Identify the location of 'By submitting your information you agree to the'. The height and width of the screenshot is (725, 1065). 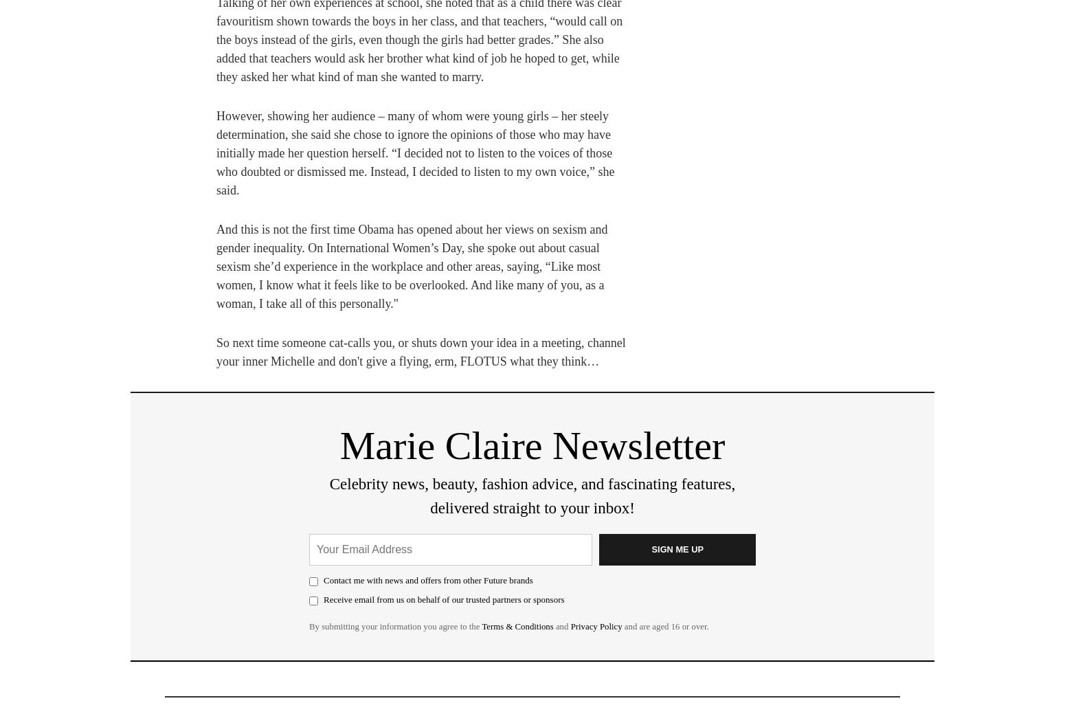
(395, 626).